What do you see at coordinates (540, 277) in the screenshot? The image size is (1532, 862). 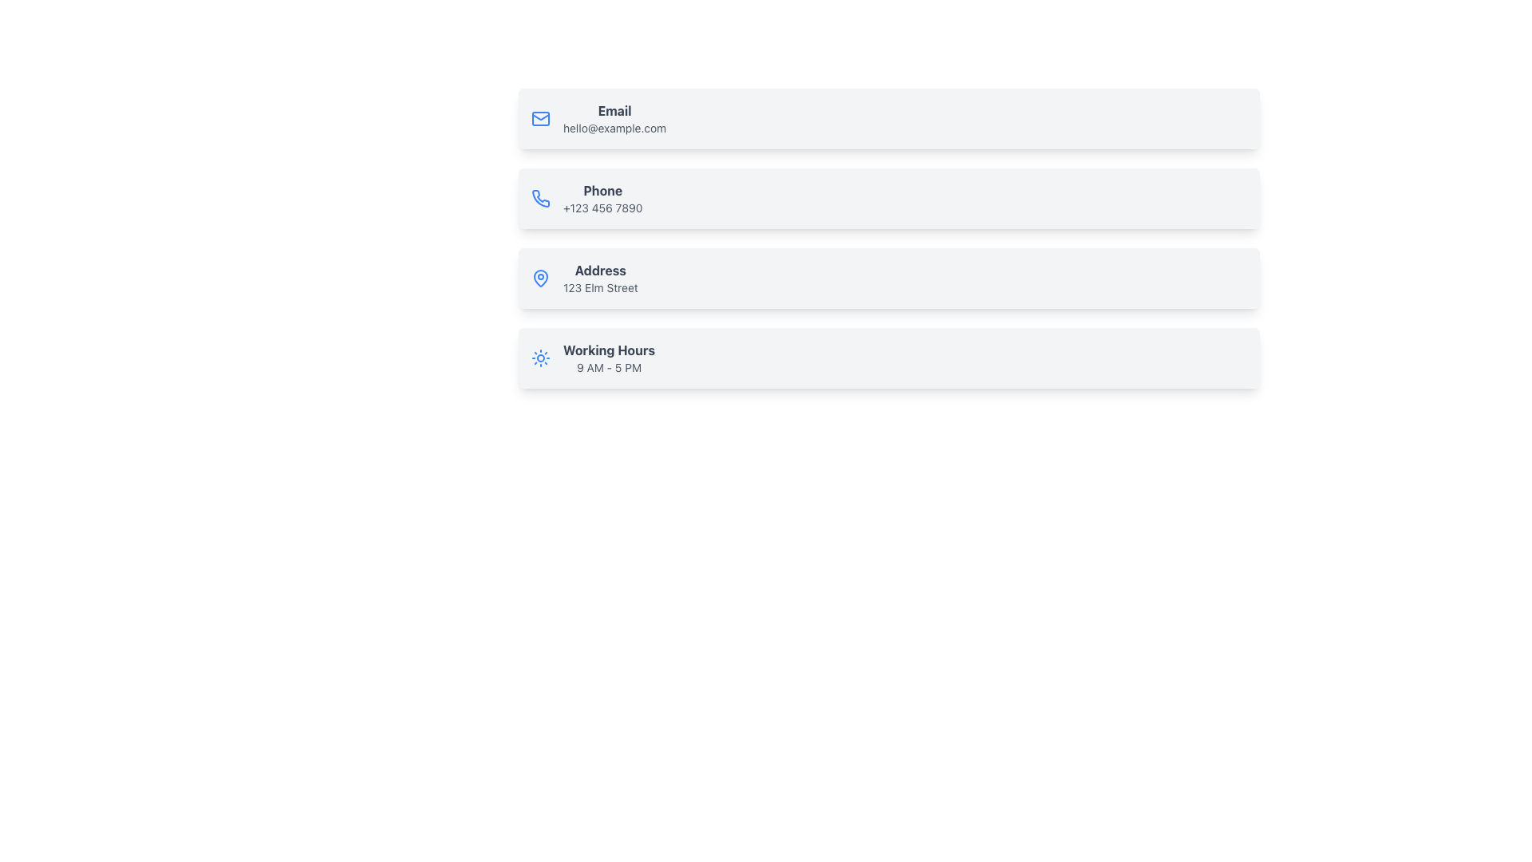 I see `the blue pin icon, which resembles a map marker, located on the left side of the text 'Address 123 Elm Street' in the third entry of the vertical list` at bounding box center [540, 277].